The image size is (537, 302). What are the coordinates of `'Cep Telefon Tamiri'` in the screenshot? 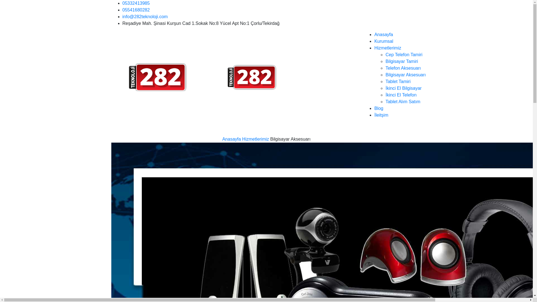 It's located at (404, 55).